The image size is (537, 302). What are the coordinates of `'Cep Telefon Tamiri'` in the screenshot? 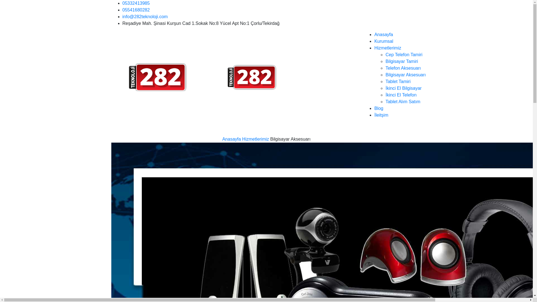 It's located at (404, 55).